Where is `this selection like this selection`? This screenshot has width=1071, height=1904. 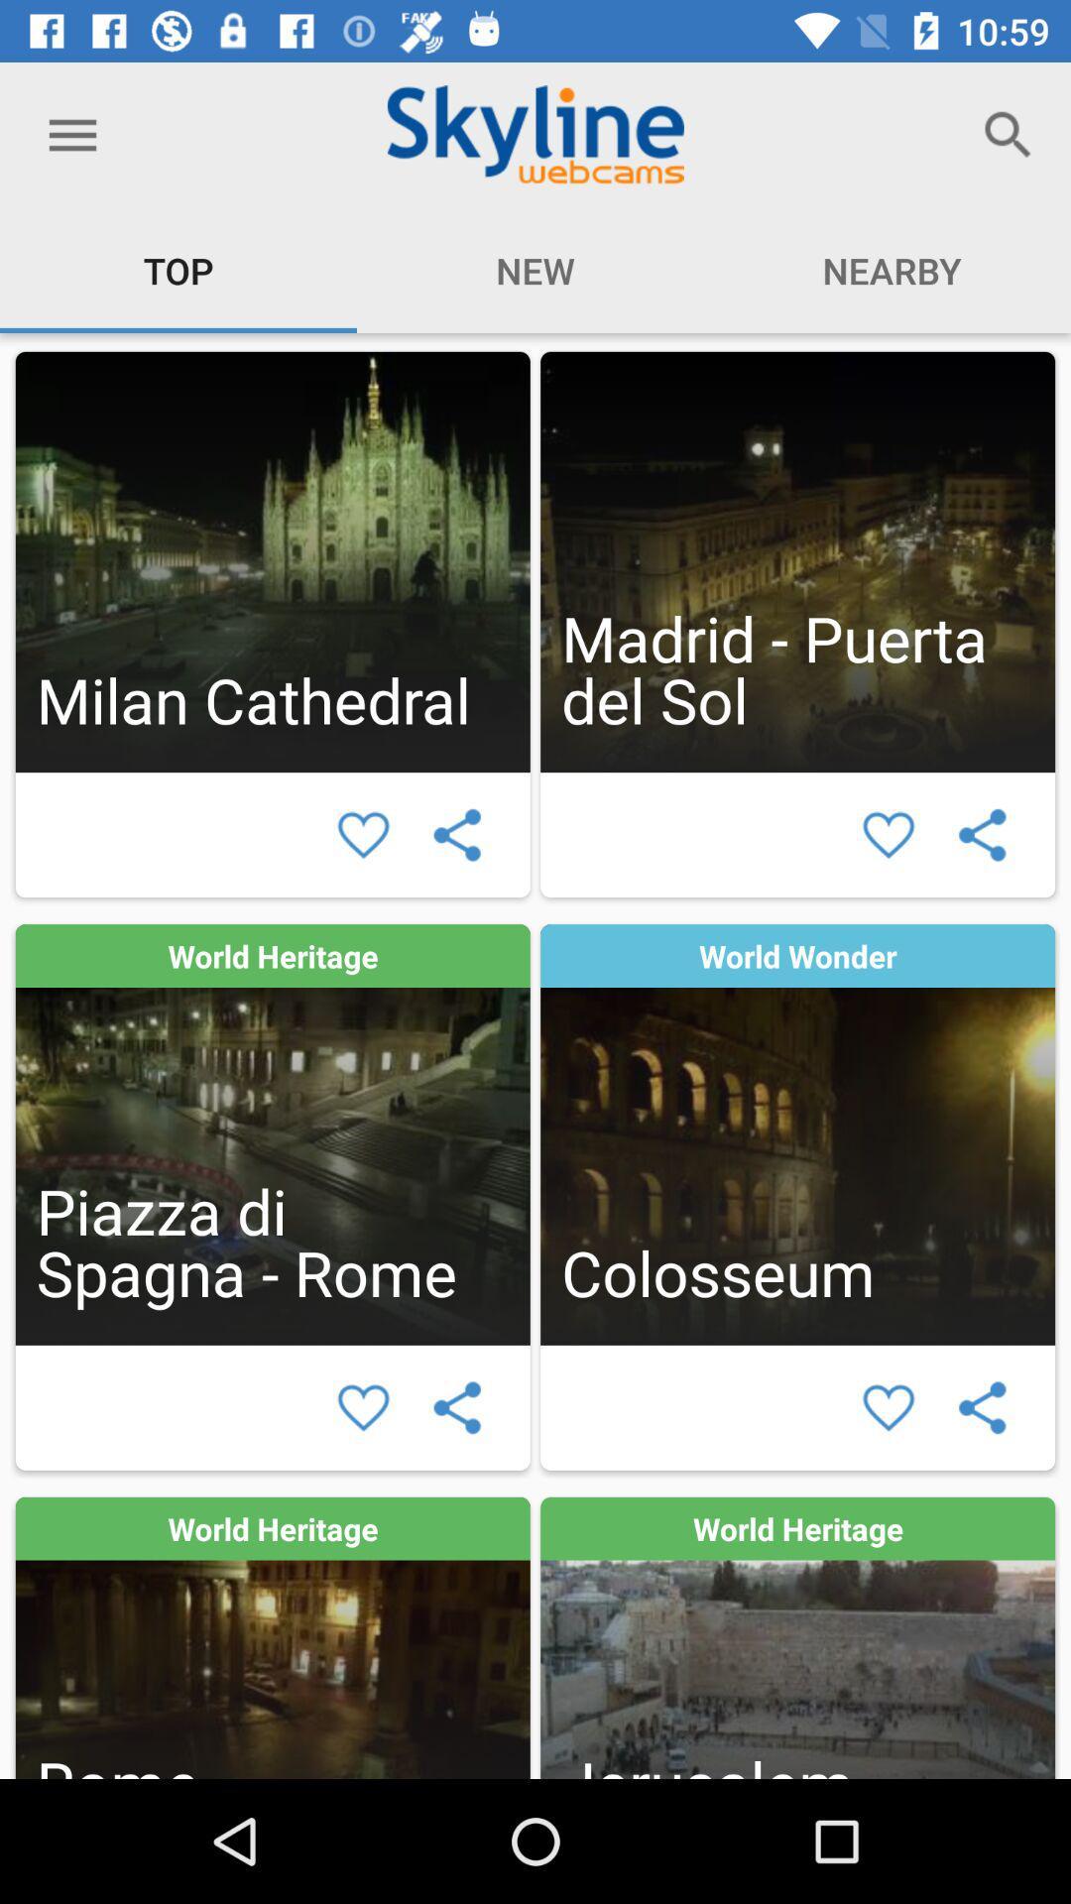 this selection like this selection is located at coordinates (888, 835).